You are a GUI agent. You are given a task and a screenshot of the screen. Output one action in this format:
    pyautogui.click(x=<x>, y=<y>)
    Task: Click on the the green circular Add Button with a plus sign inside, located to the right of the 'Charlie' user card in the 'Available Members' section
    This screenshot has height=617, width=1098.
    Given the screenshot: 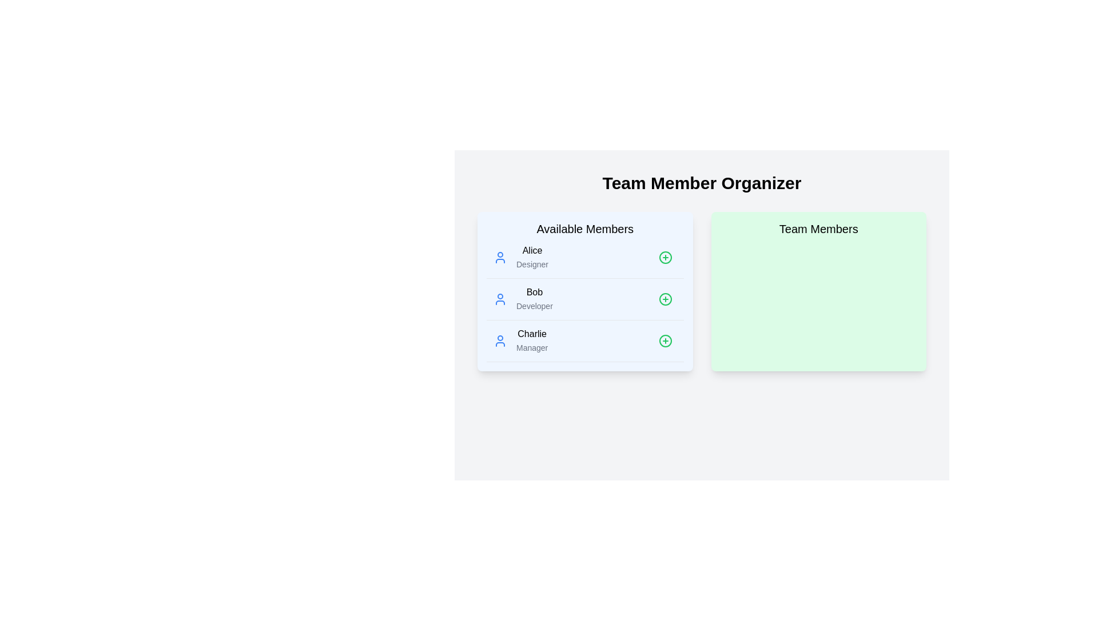 What is the action you would take?
    pyautogui.click(x=665, y=340)
    